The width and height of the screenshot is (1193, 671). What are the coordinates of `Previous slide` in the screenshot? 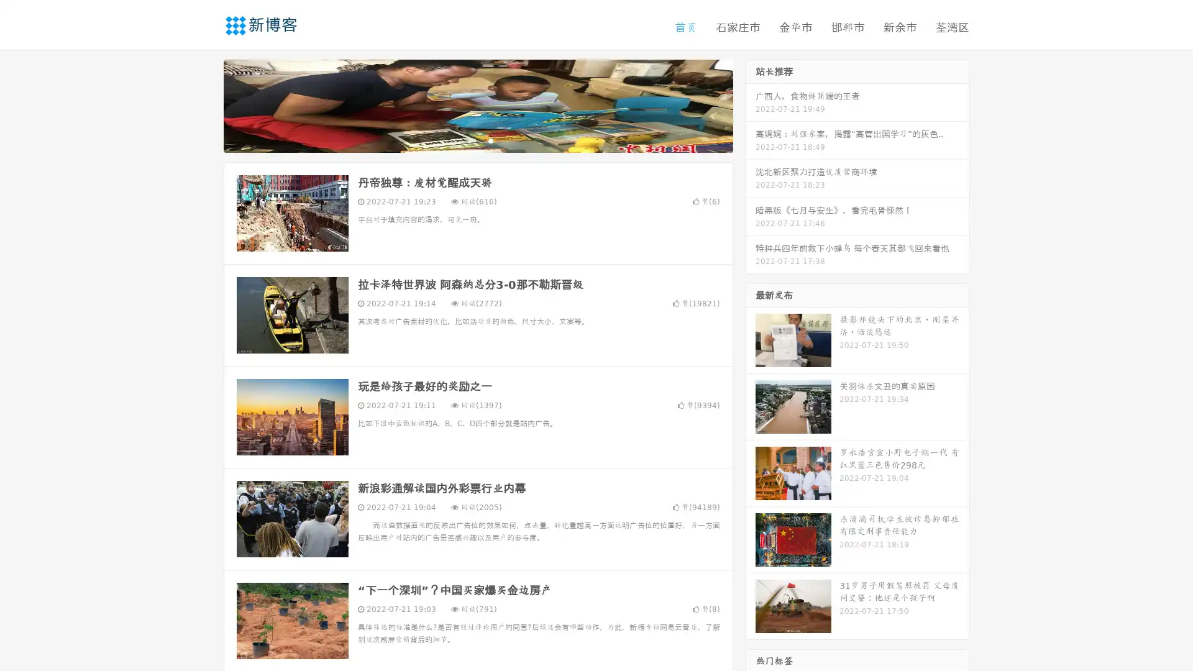 It's located at (205, 104).